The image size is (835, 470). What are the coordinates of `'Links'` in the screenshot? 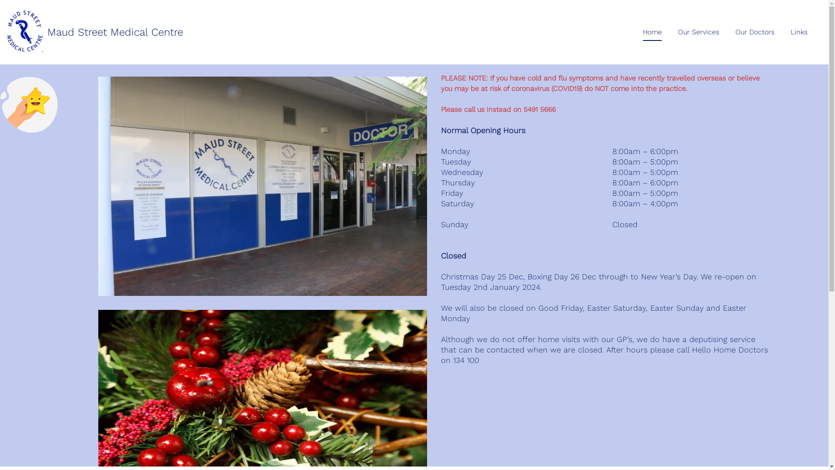 It's located at (799, 31).